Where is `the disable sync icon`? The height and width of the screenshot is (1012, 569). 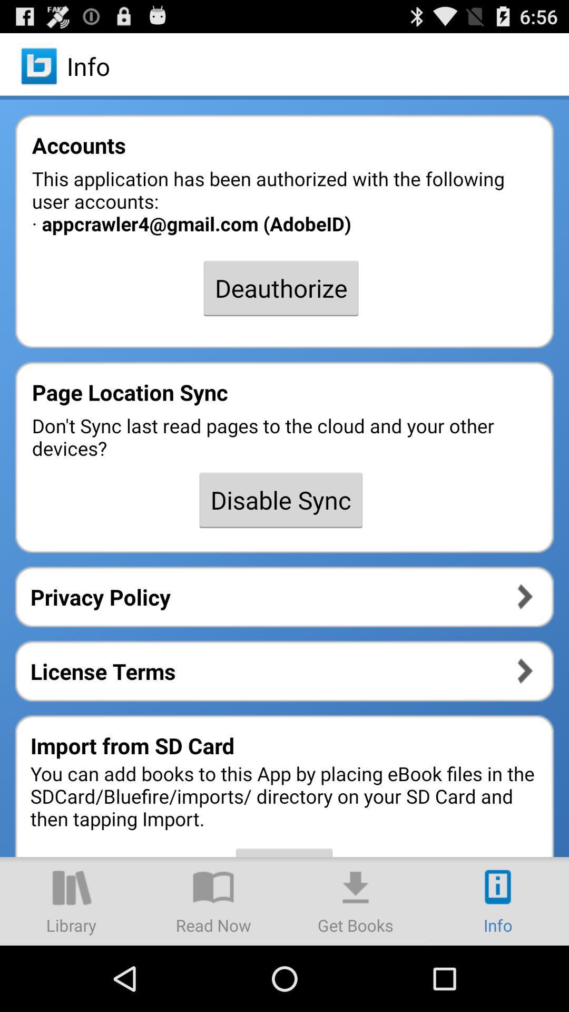
the disable sync icon is located at coordinates (280, 499).